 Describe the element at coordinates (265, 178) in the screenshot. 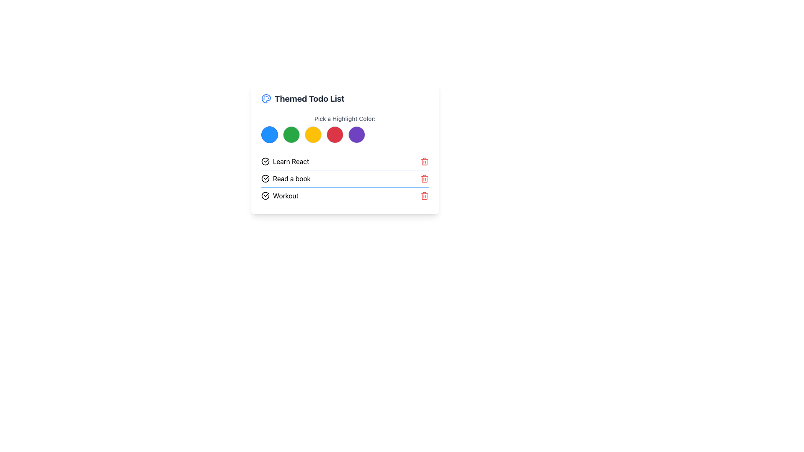

I see `the SVG icon that indicates the completion of the task 'Read a book', which is the second icon in the list of tasks located to the left of the text 'Read a book'` at that location.